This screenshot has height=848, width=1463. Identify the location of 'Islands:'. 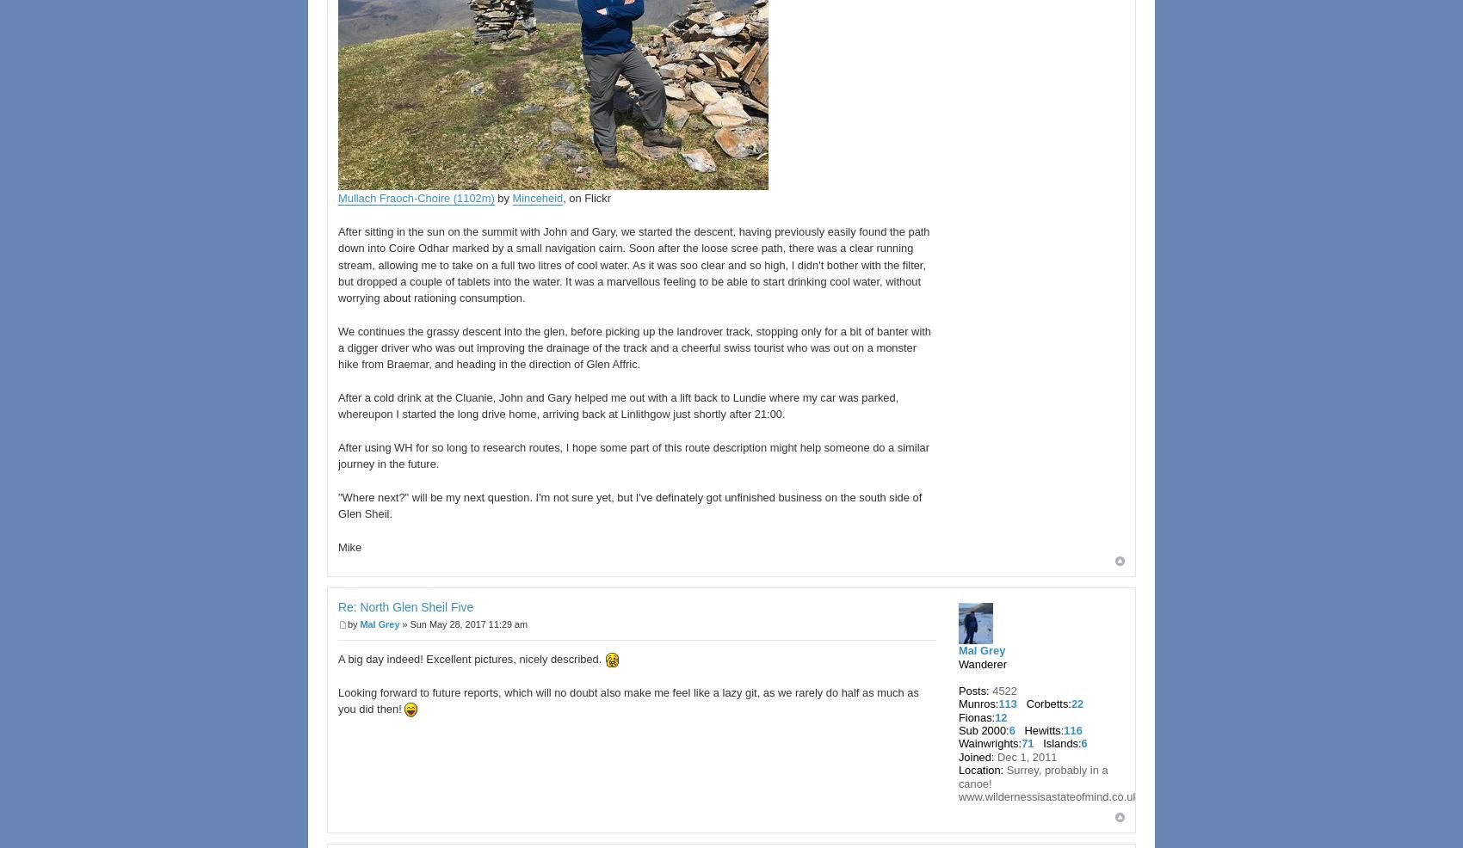
(1041, 742).